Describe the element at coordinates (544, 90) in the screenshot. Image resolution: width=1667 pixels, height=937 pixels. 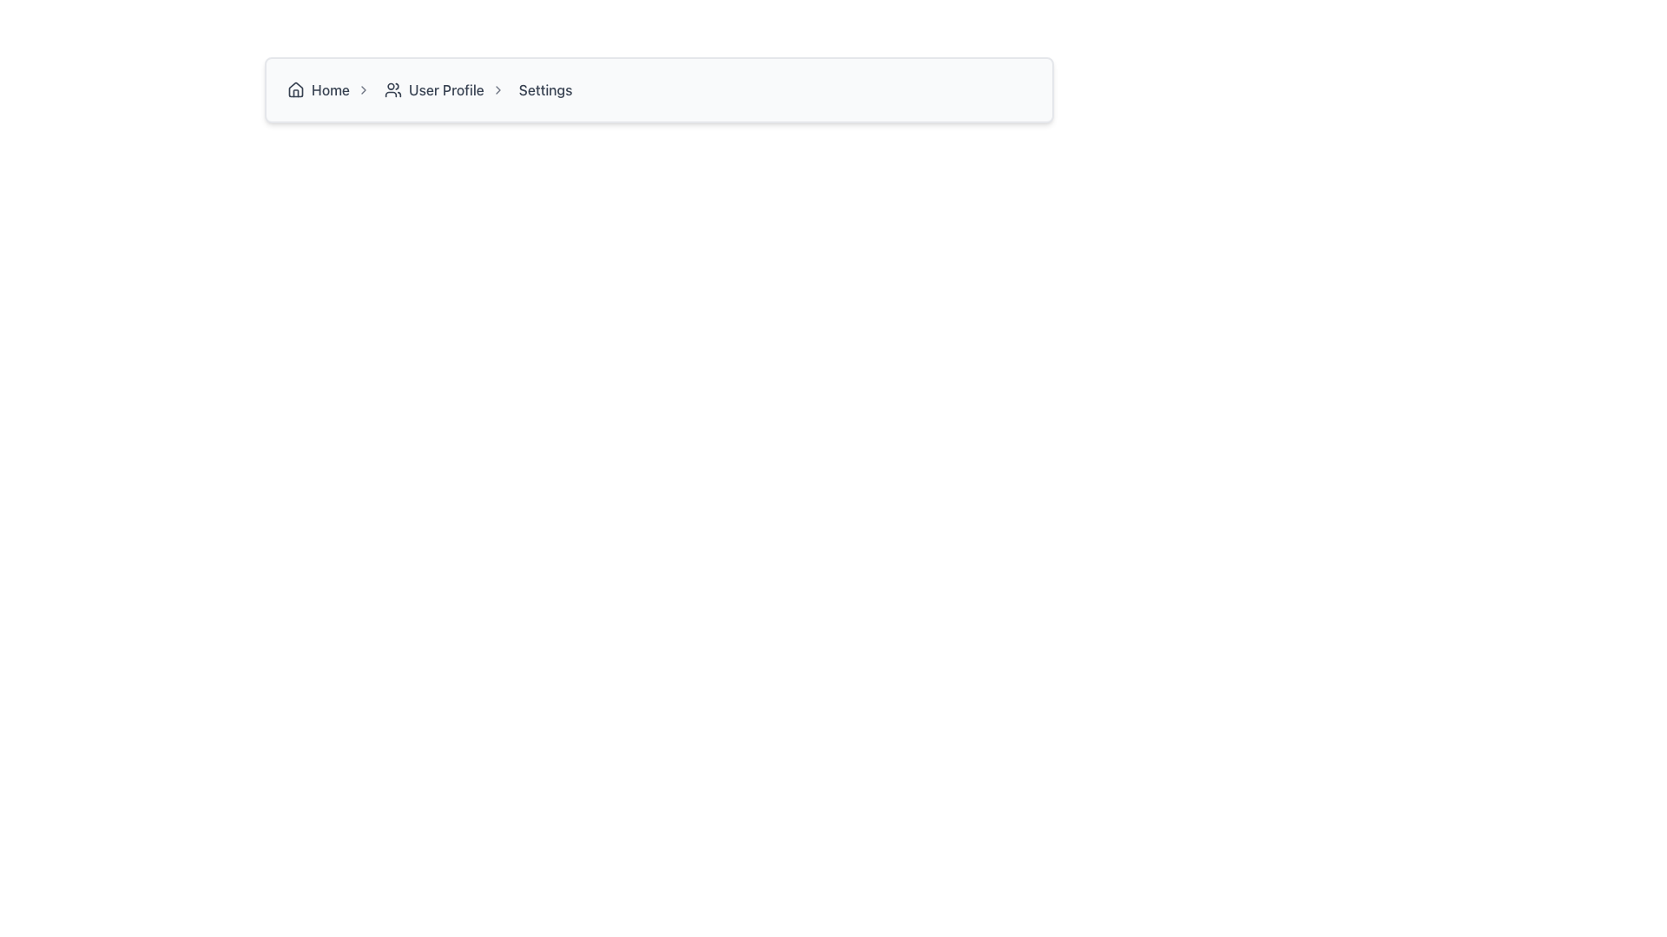
I see `the third breadcrumb label in the breadcrumb navigation bar, which indicates the current page and is positioned to the right of the 'User Profile' breadcrumb` at that location.